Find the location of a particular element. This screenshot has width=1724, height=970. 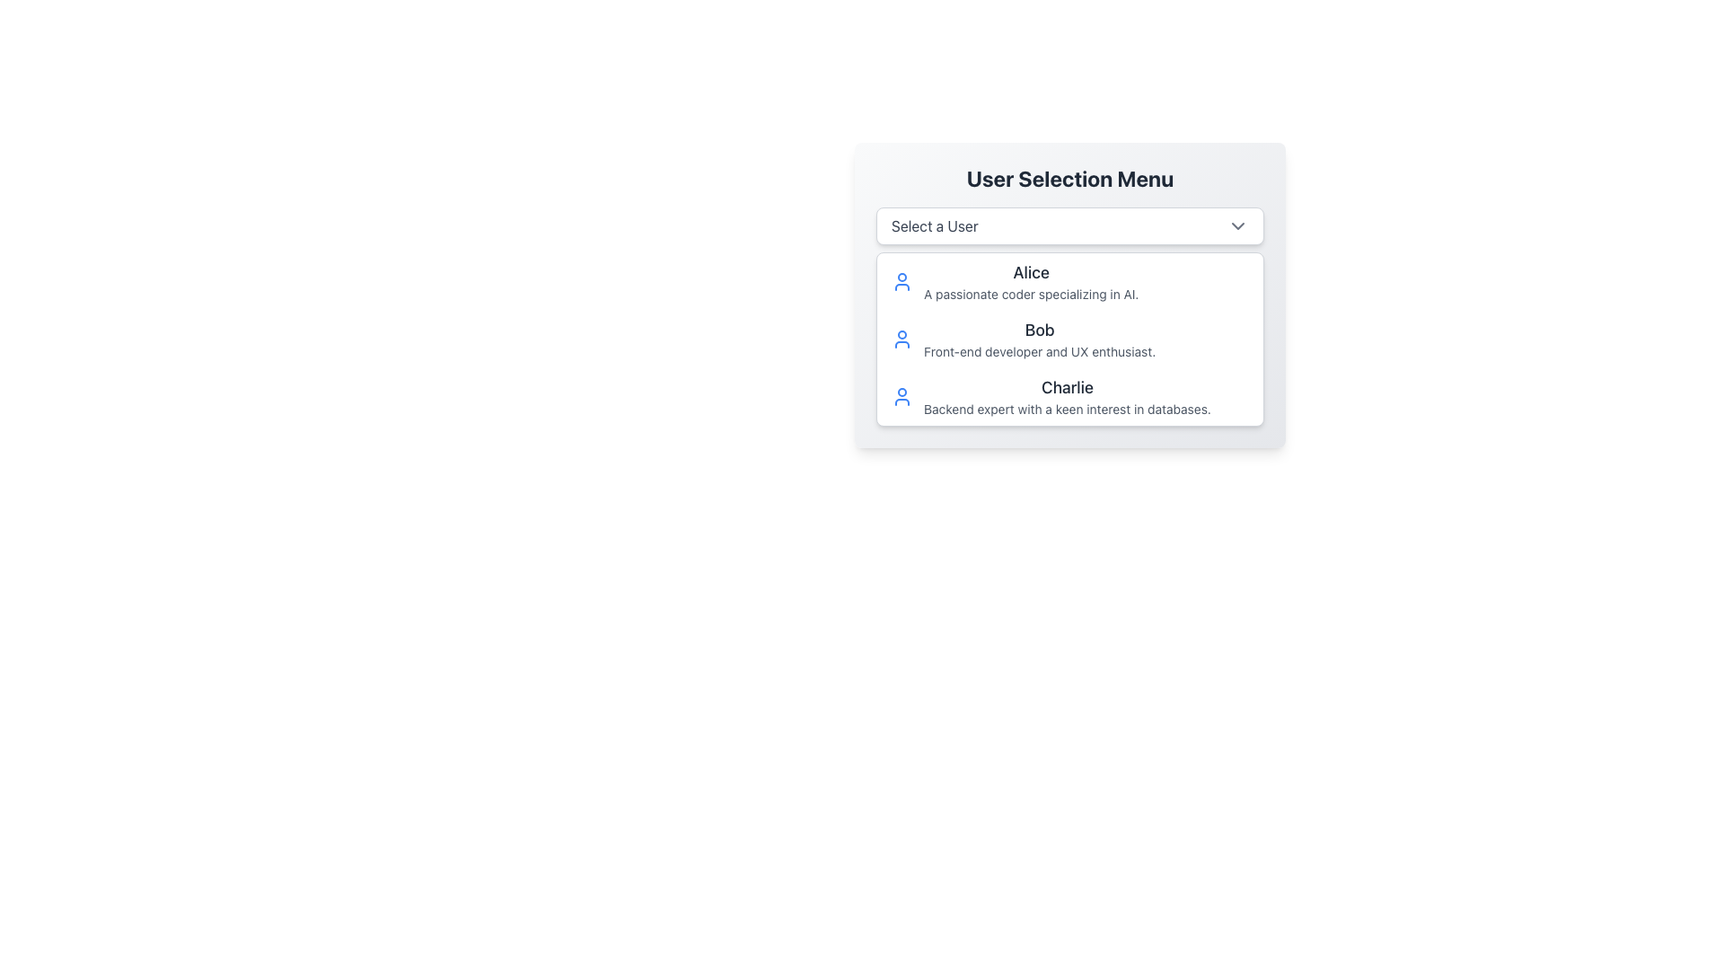

the user icon representing 'Charlie' located at the leftmost side of the highlighted row, adjacent to the text 'Backend expert with a keen interest in databases.' is located at coordinates (902, 396).